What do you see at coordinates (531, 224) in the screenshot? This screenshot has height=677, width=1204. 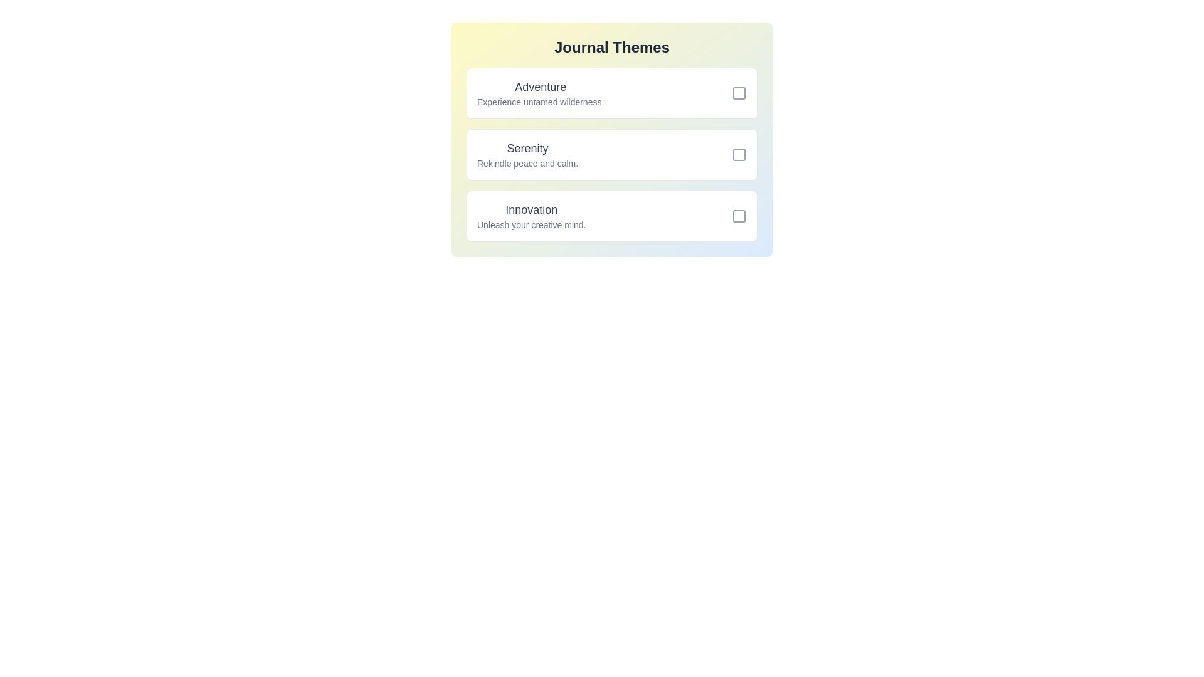 I see `the text label that provides supplementary information for the title 'Innovation', located directly beneath it in the third item of a vertical list of themes` at bounding box center [531, 224].